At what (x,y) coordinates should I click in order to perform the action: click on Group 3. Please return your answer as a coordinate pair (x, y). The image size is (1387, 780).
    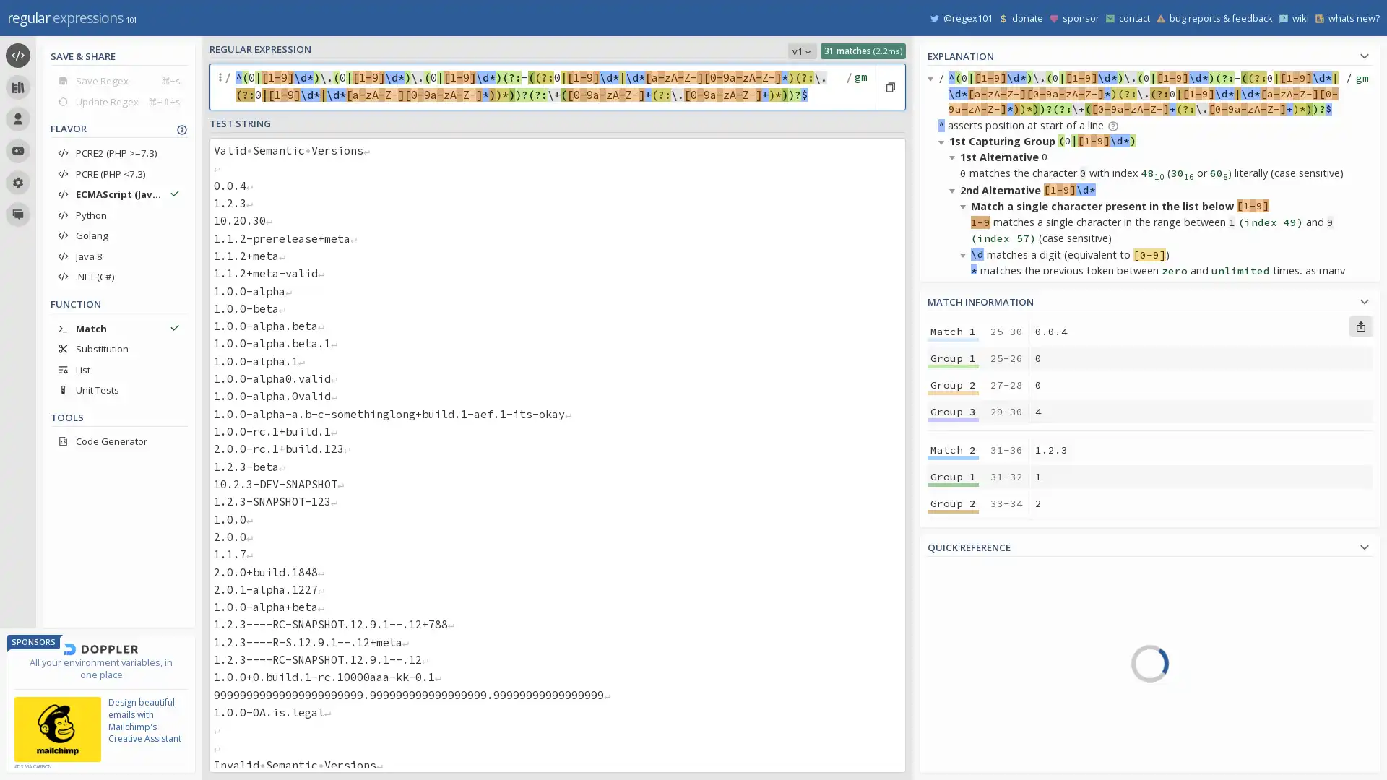
    Looking at the image, I should click on (953, 766).